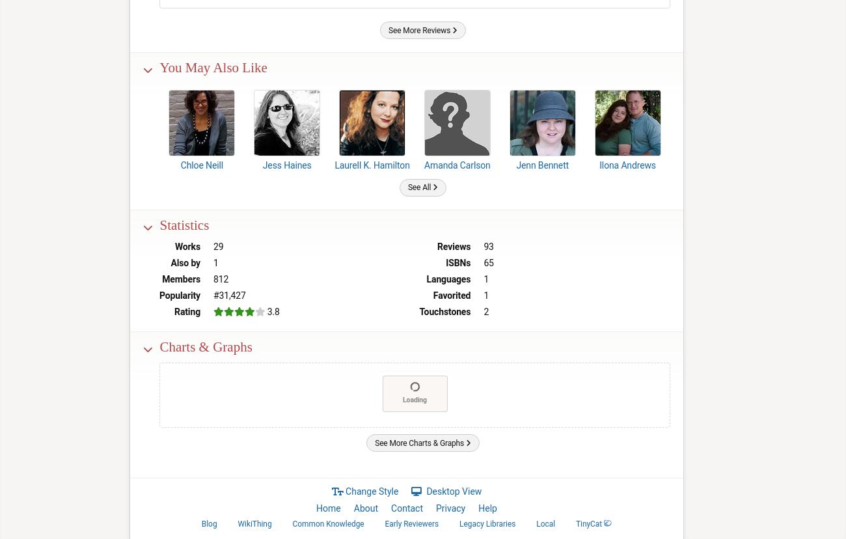 The width and height of the screenshot is (846, 539). What do you see at coordinates (448, 279) in the screenshot?
I see `'Languages'` at bounding box center [448, 279].